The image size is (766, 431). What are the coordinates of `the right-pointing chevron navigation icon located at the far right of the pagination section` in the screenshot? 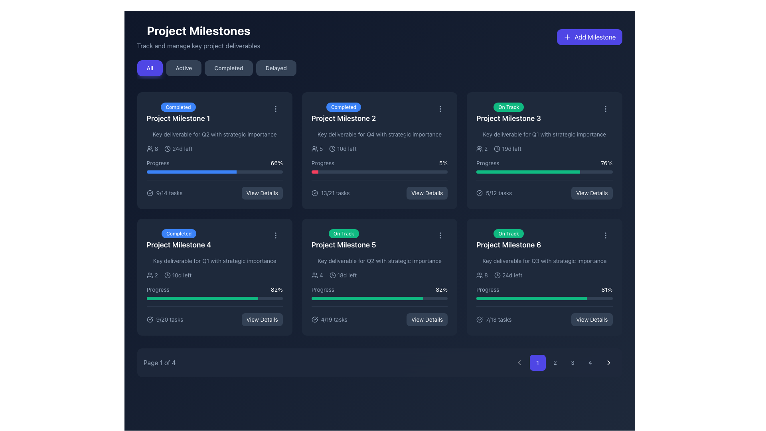 It's located at (608, 363).